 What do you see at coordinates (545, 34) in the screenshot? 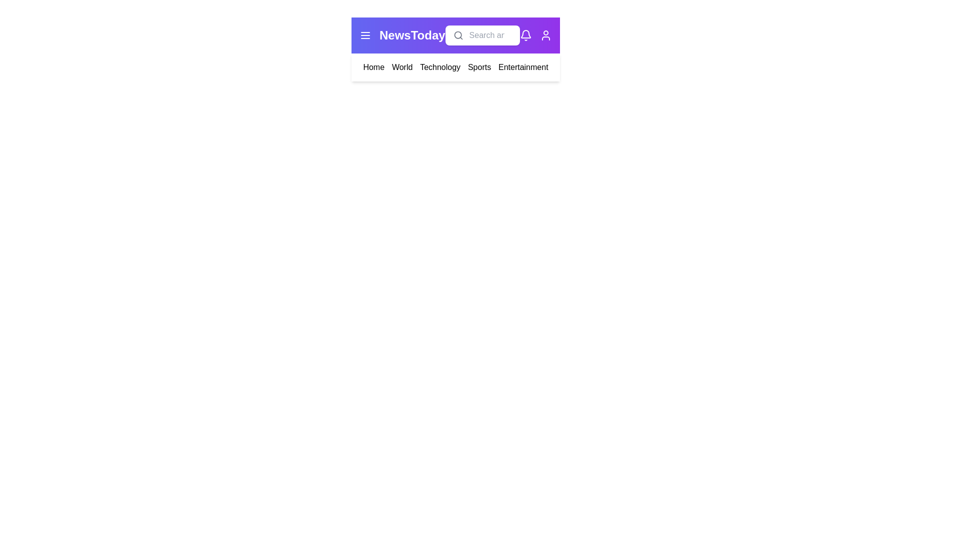
I see `the user icon to access user profile options` at bounding box center [545, 34].